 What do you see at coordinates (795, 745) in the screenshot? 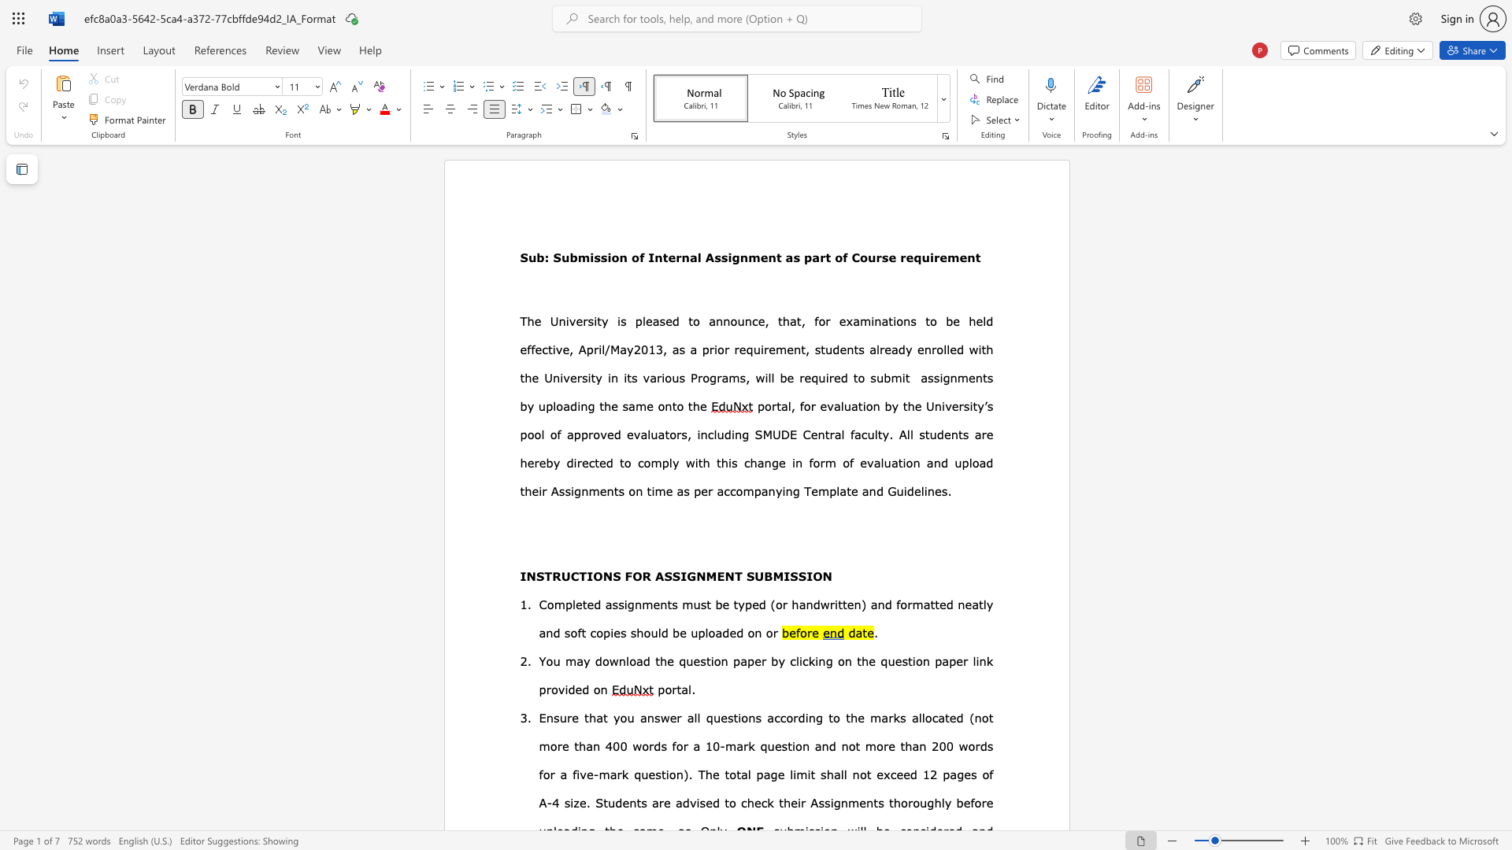
I see `the subset text "on and not more than 200 words for a five-mark question). T" within the text "(not more than 400 words for a 10-mark question and not more than 200 words for a five-mark question). The tot"` at bounding box center [795, 745].